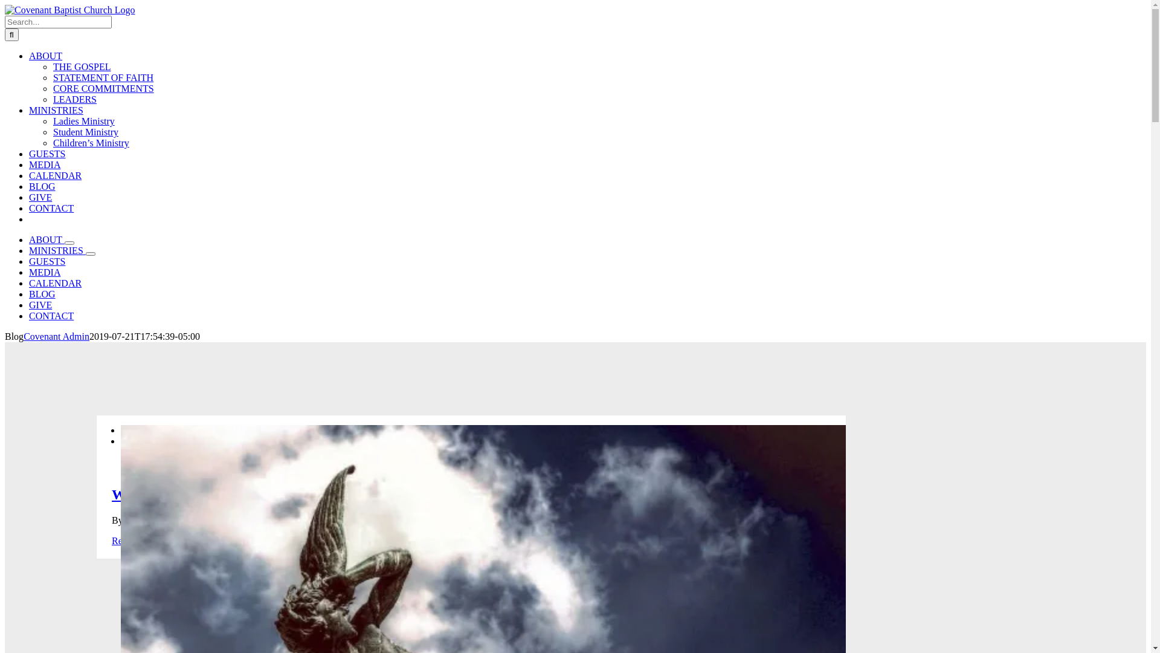 This screenshot has height=653, width=1160. Describe the element at coordinates (42, 186) in the screenshot. I see `'BLOG'` at that location.